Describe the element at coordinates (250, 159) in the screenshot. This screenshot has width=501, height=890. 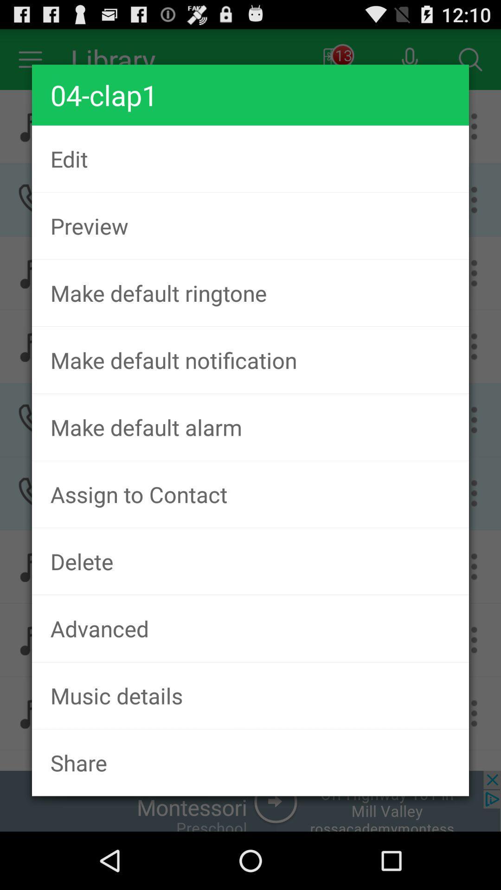
I see `edit` at that location.